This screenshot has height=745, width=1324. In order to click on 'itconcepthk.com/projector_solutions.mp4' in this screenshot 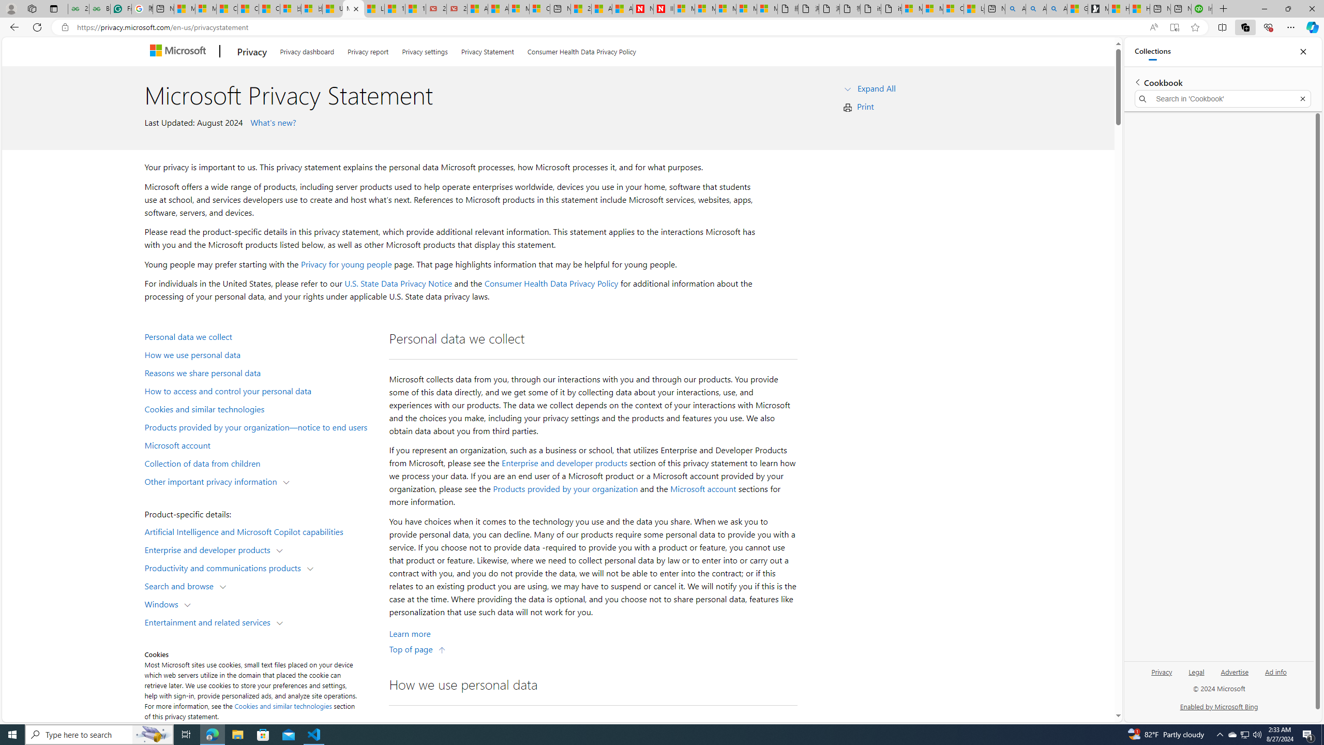, I will do `click(890, 8)`.